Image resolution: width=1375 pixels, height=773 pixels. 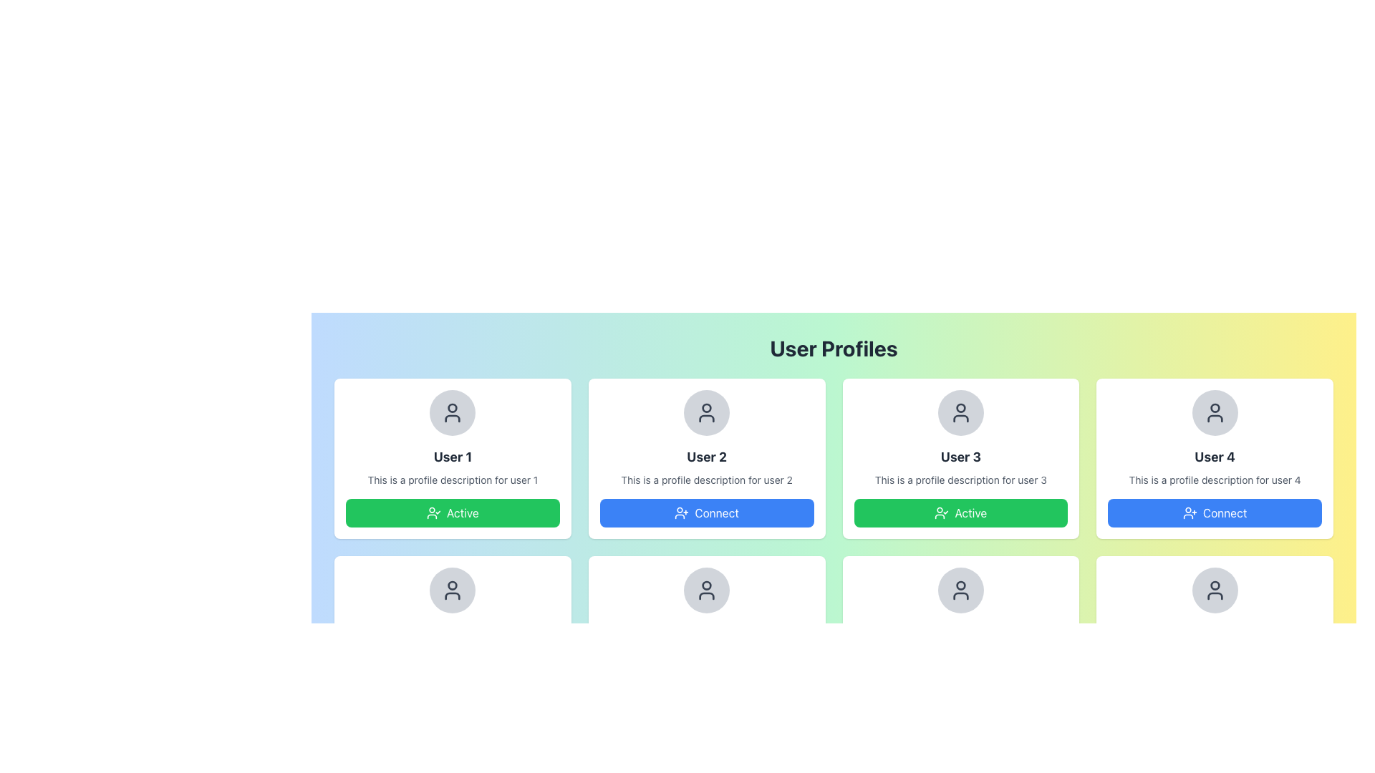 I want to click on the user profile icon located at the topmost position within the rightmost user profile card in the top row of the layout, so click(x=1214, y=413).